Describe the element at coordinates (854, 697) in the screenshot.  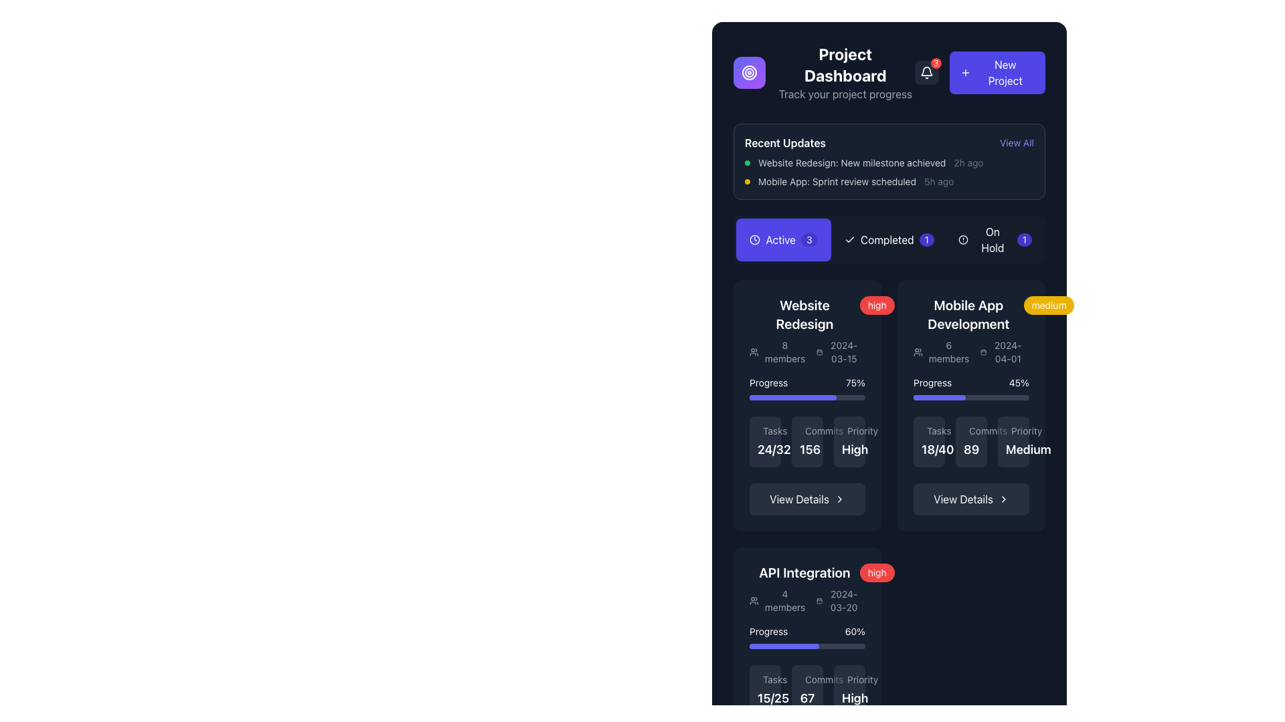
I see `the informational text label indicating the priority level of the 'API Integration' project, located at the bottom of the card to the right of the progress bar` at that location.